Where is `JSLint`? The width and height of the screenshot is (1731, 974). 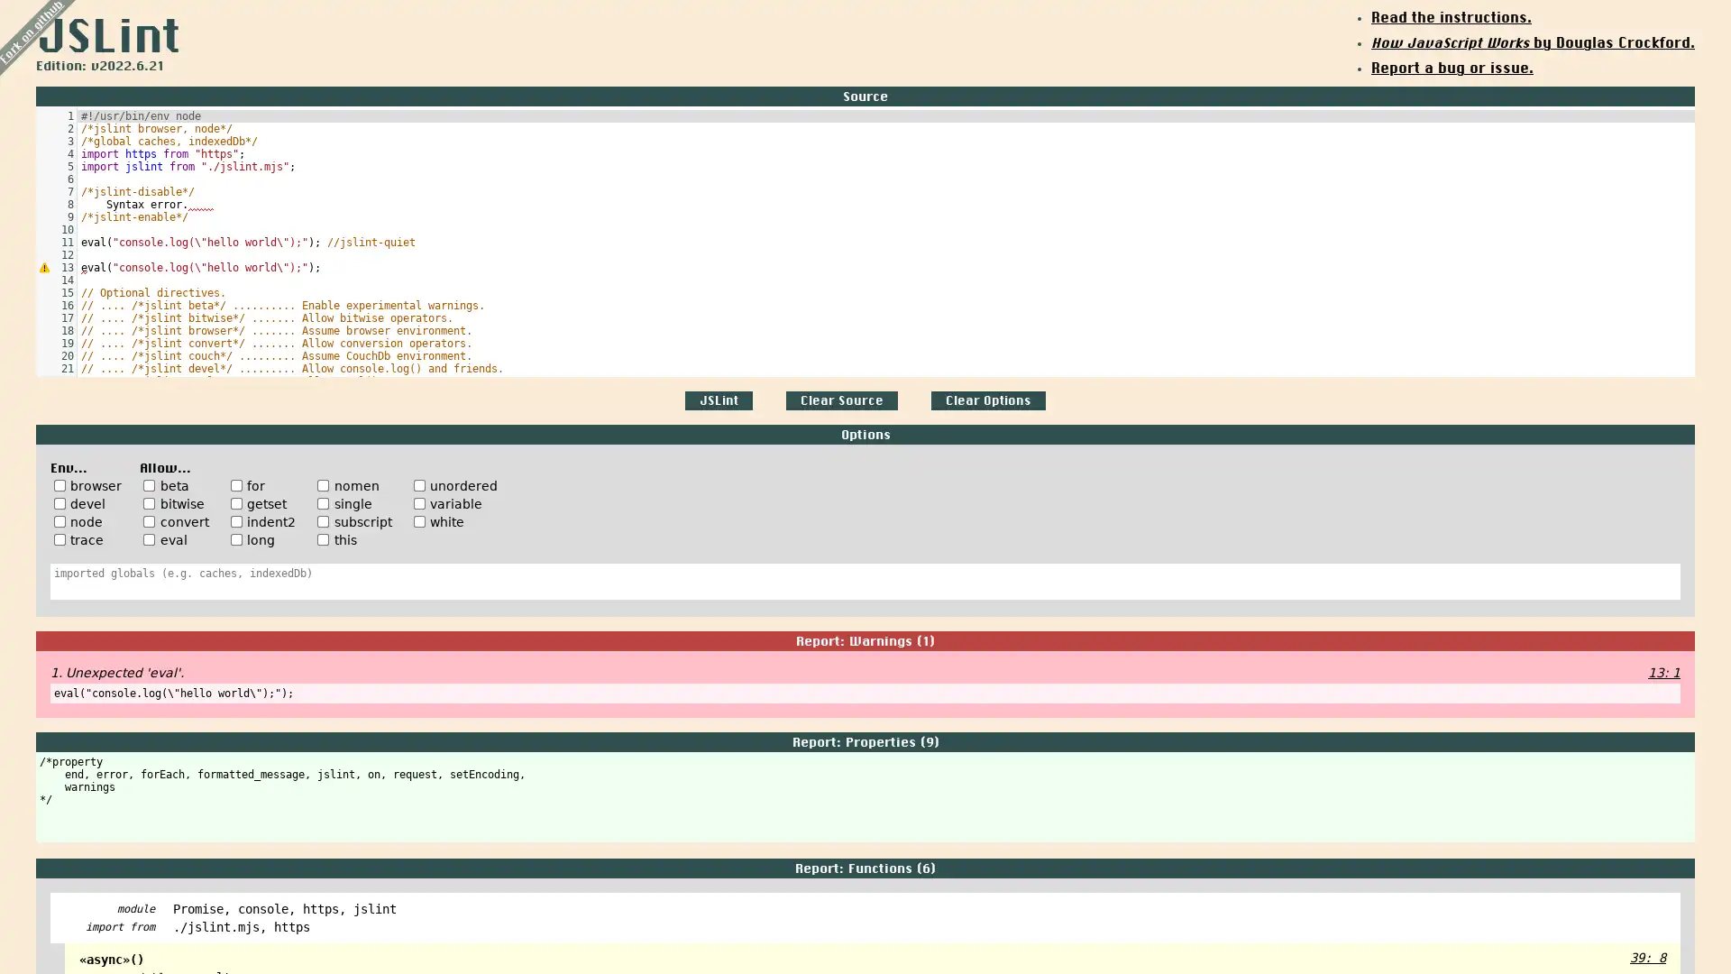 JSLint is located at coordinates (718, 400).